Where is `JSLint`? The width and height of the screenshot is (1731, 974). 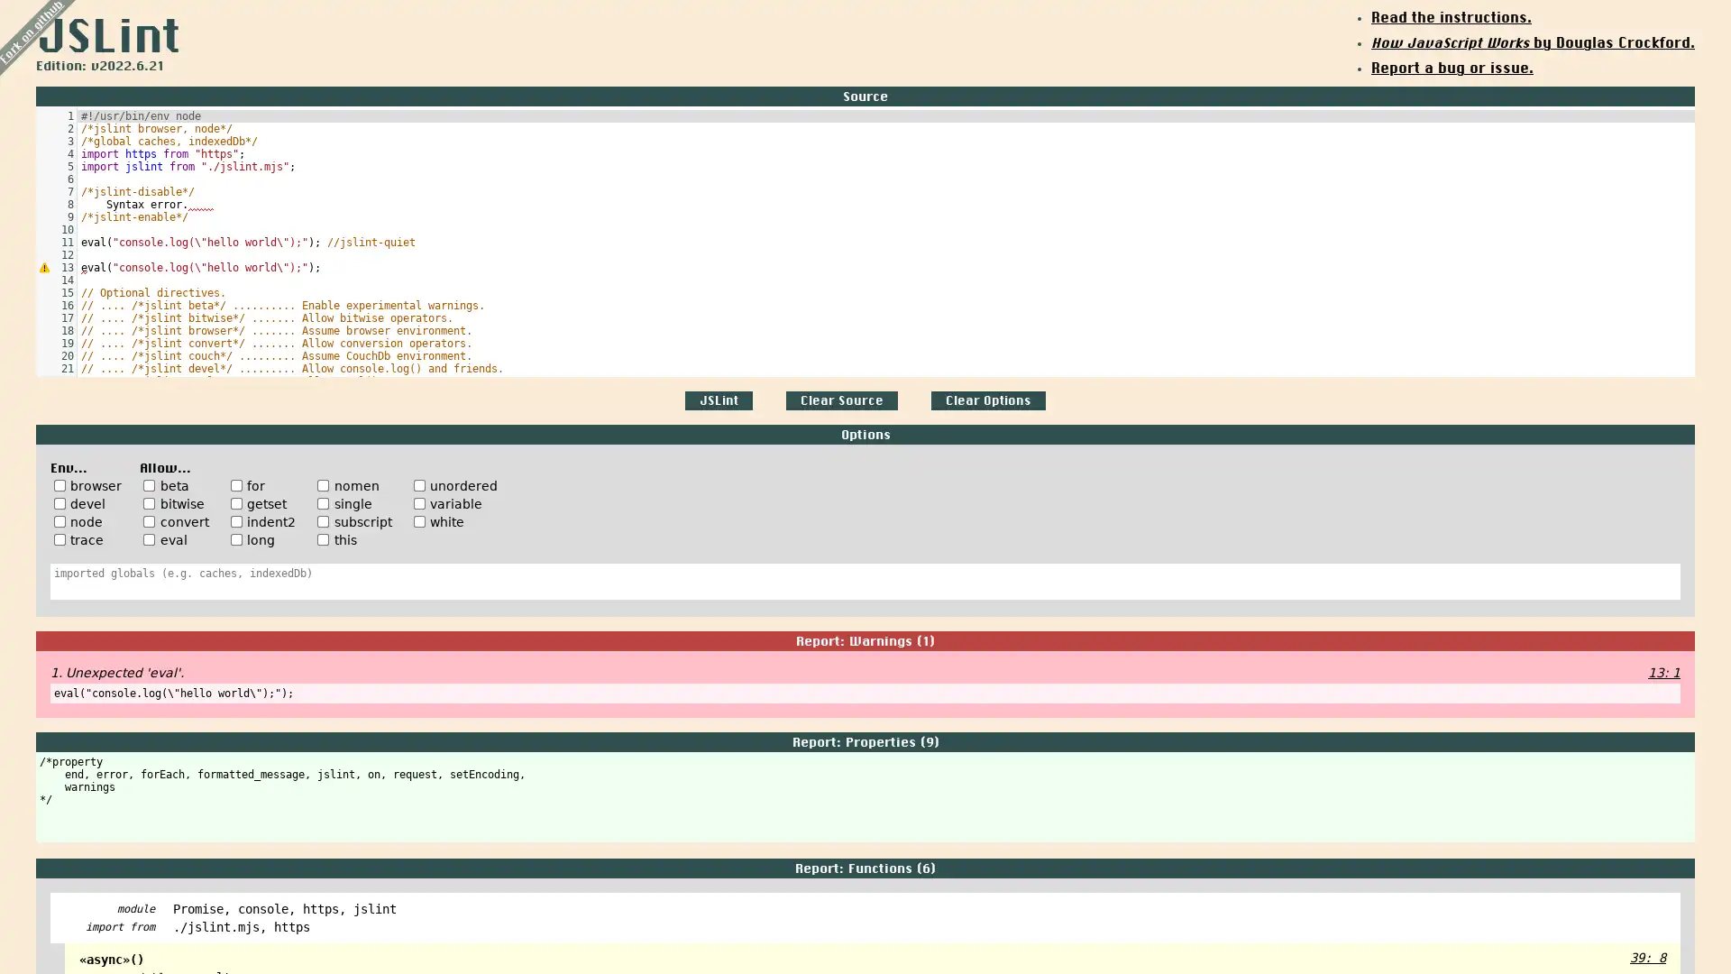 JSLint is located at coordinates (718, 400).